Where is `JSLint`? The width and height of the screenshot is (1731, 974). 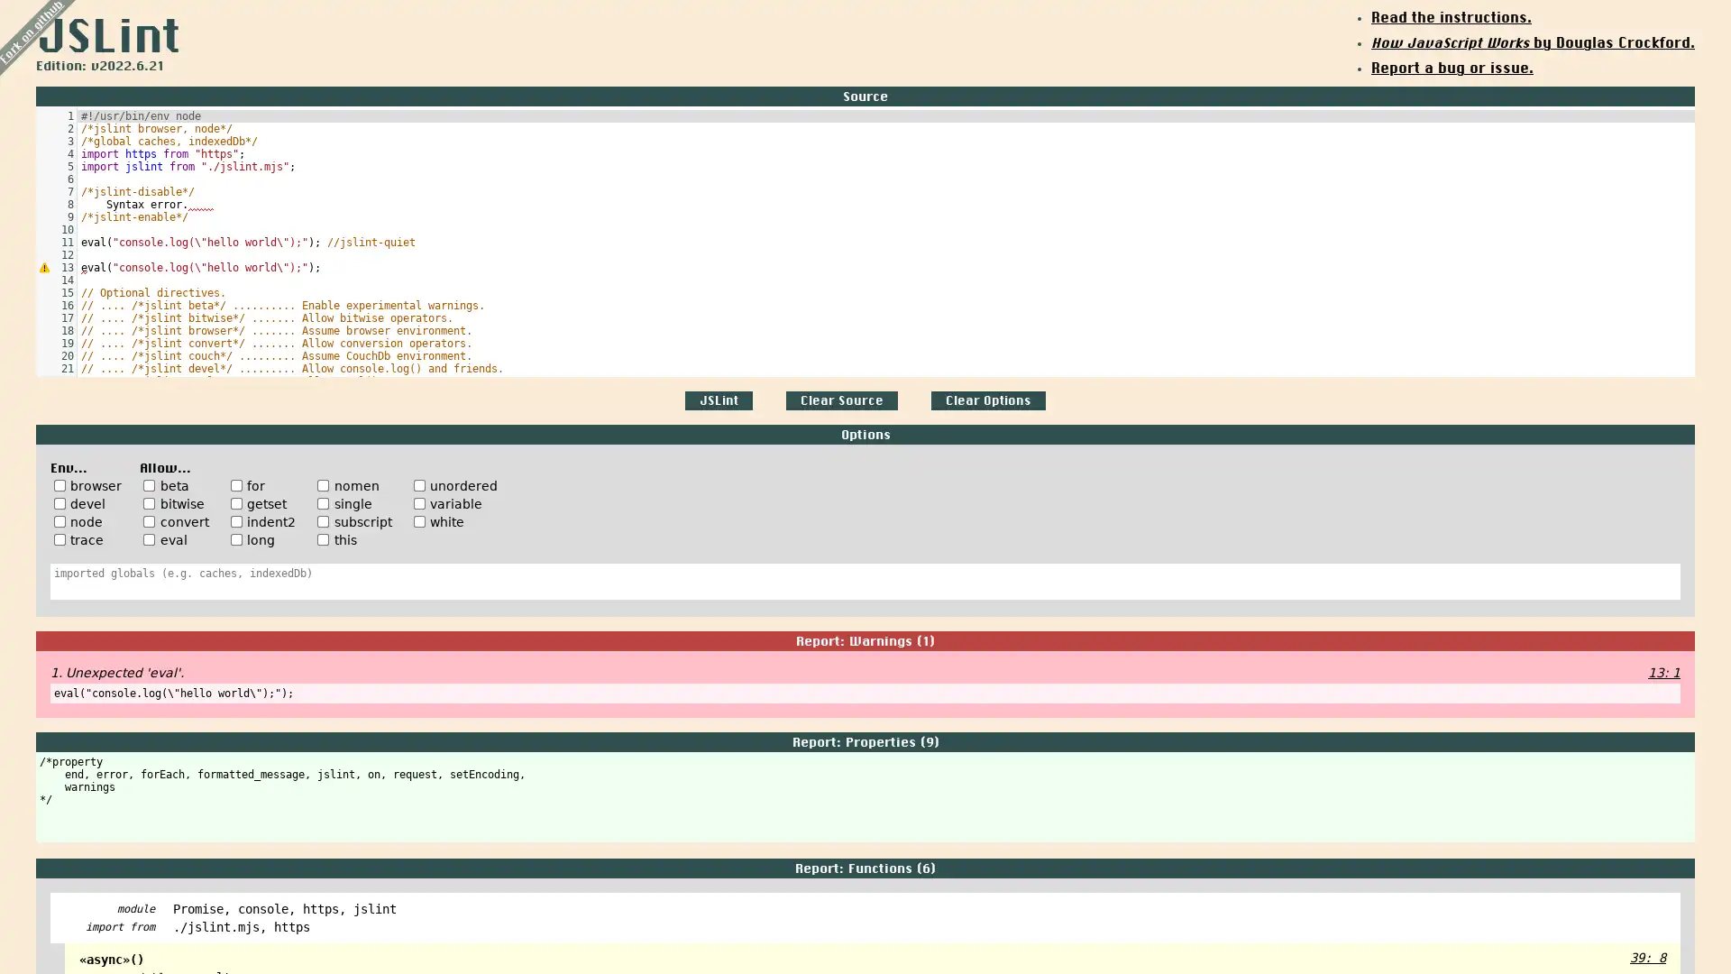 JSLint is located at coordinates (718, 400).